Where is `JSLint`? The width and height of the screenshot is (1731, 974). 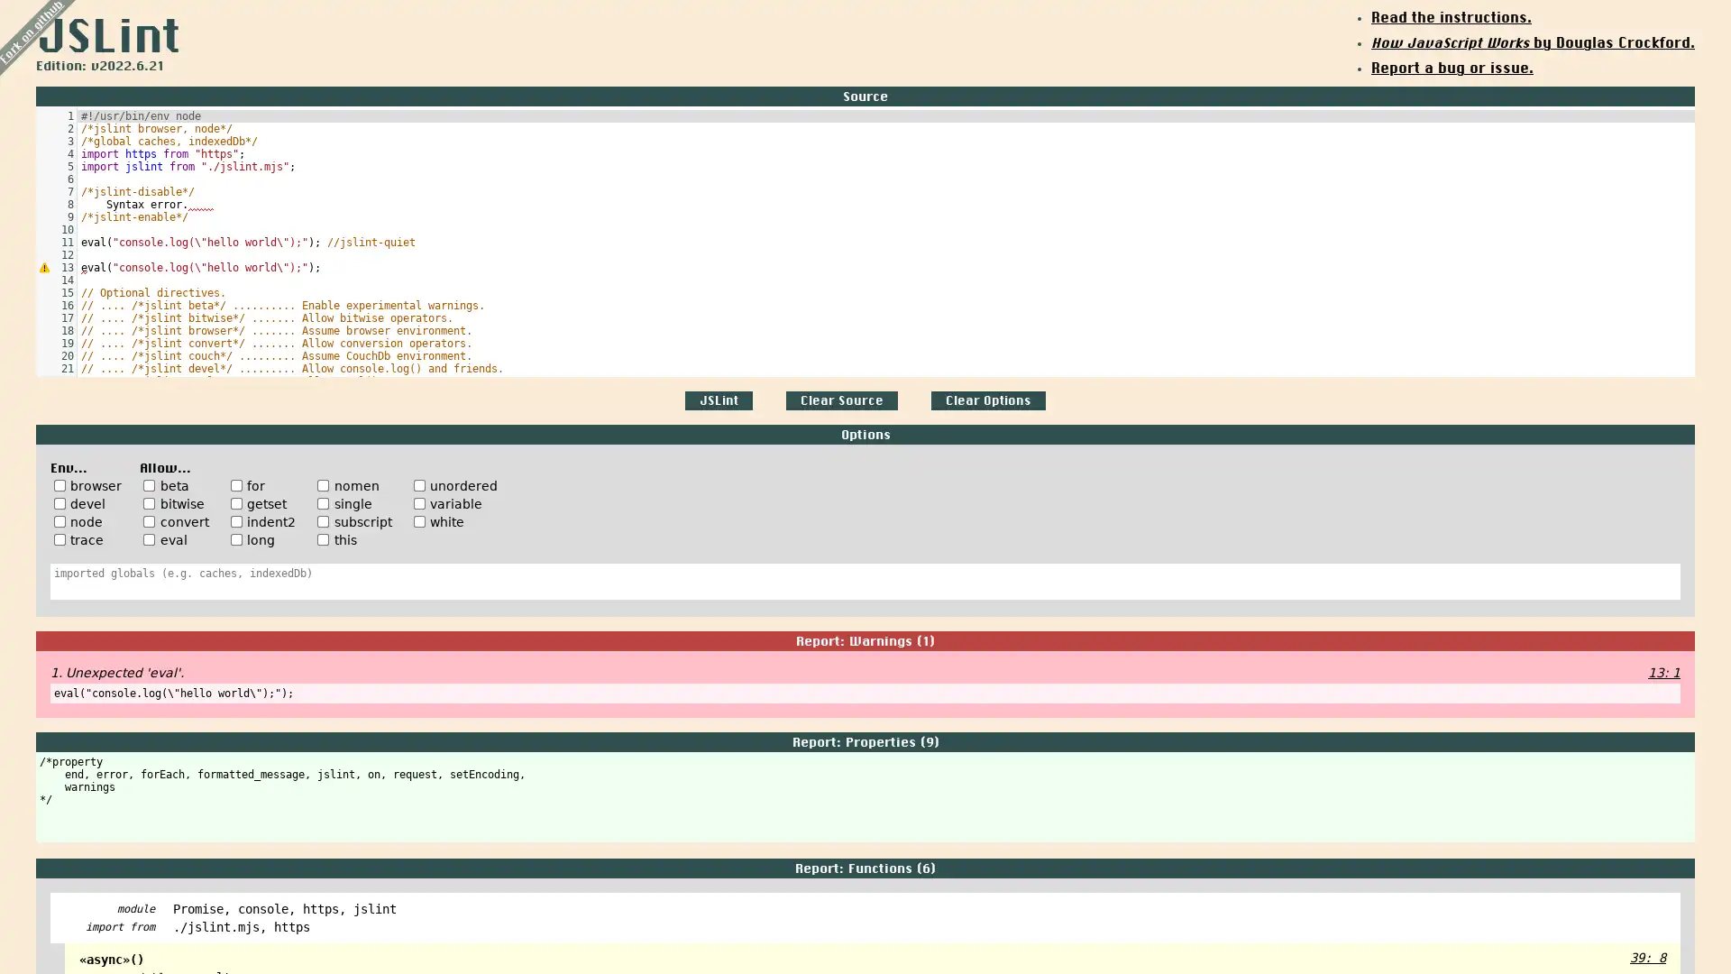 JSLint is located at coordinates (718, 400).